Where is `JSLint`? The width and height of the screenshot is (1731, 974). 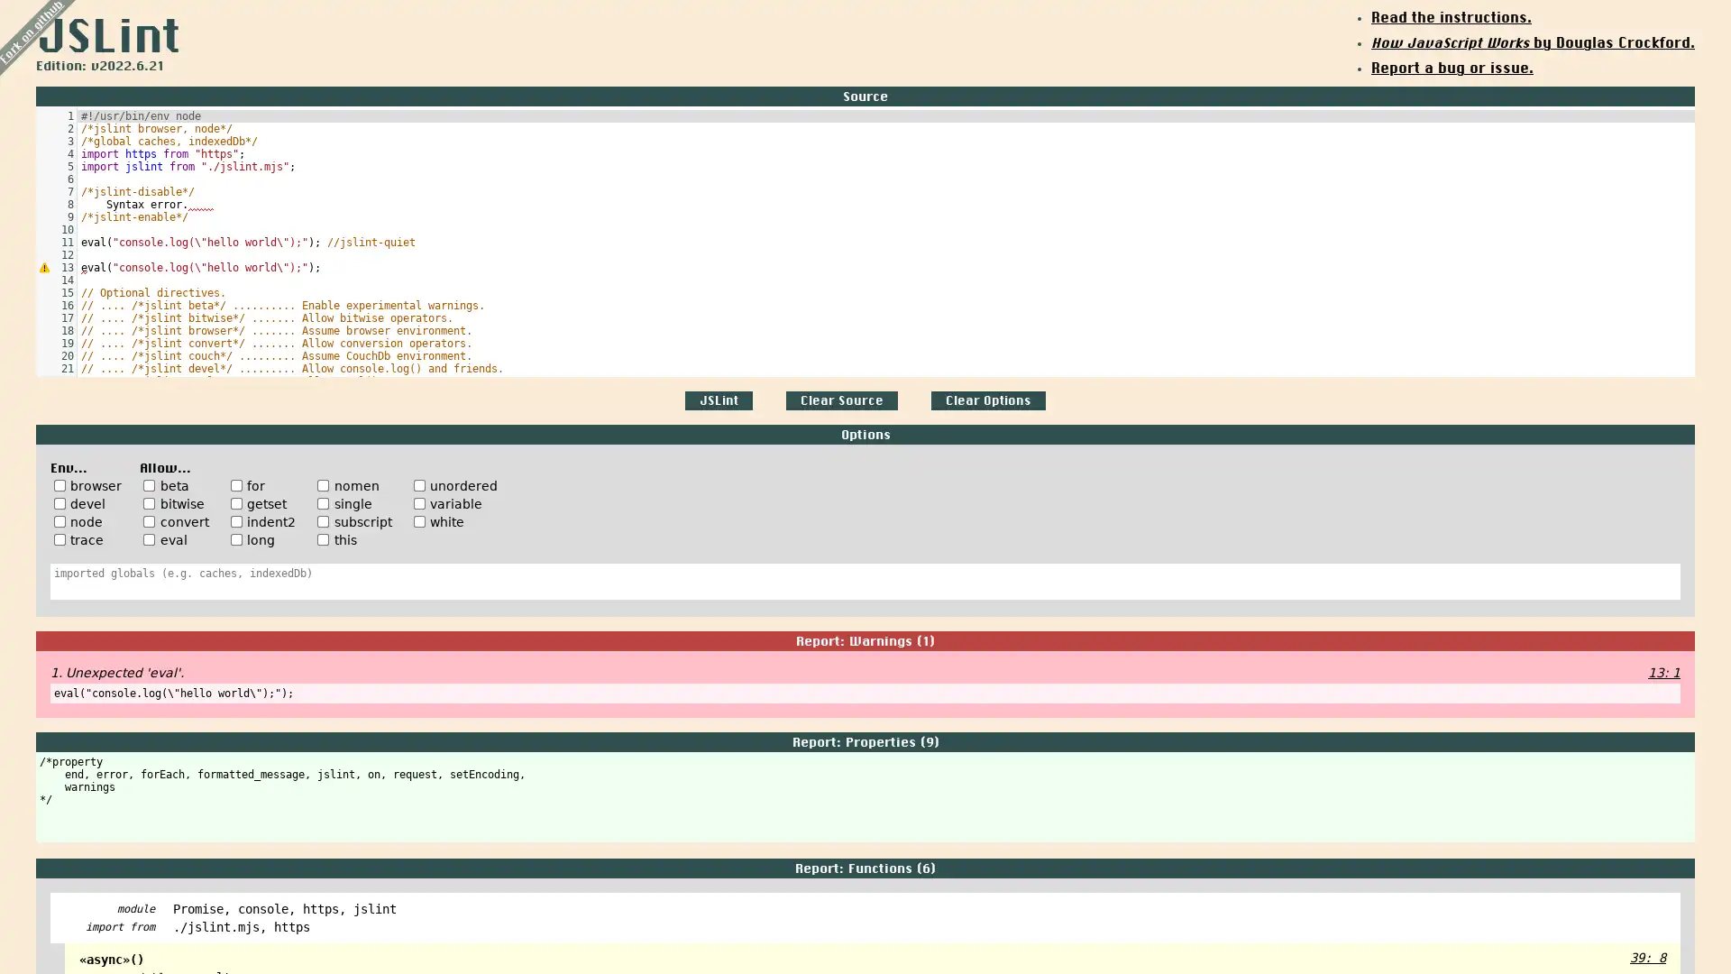 JSLint is located at coordinates (718, 400).